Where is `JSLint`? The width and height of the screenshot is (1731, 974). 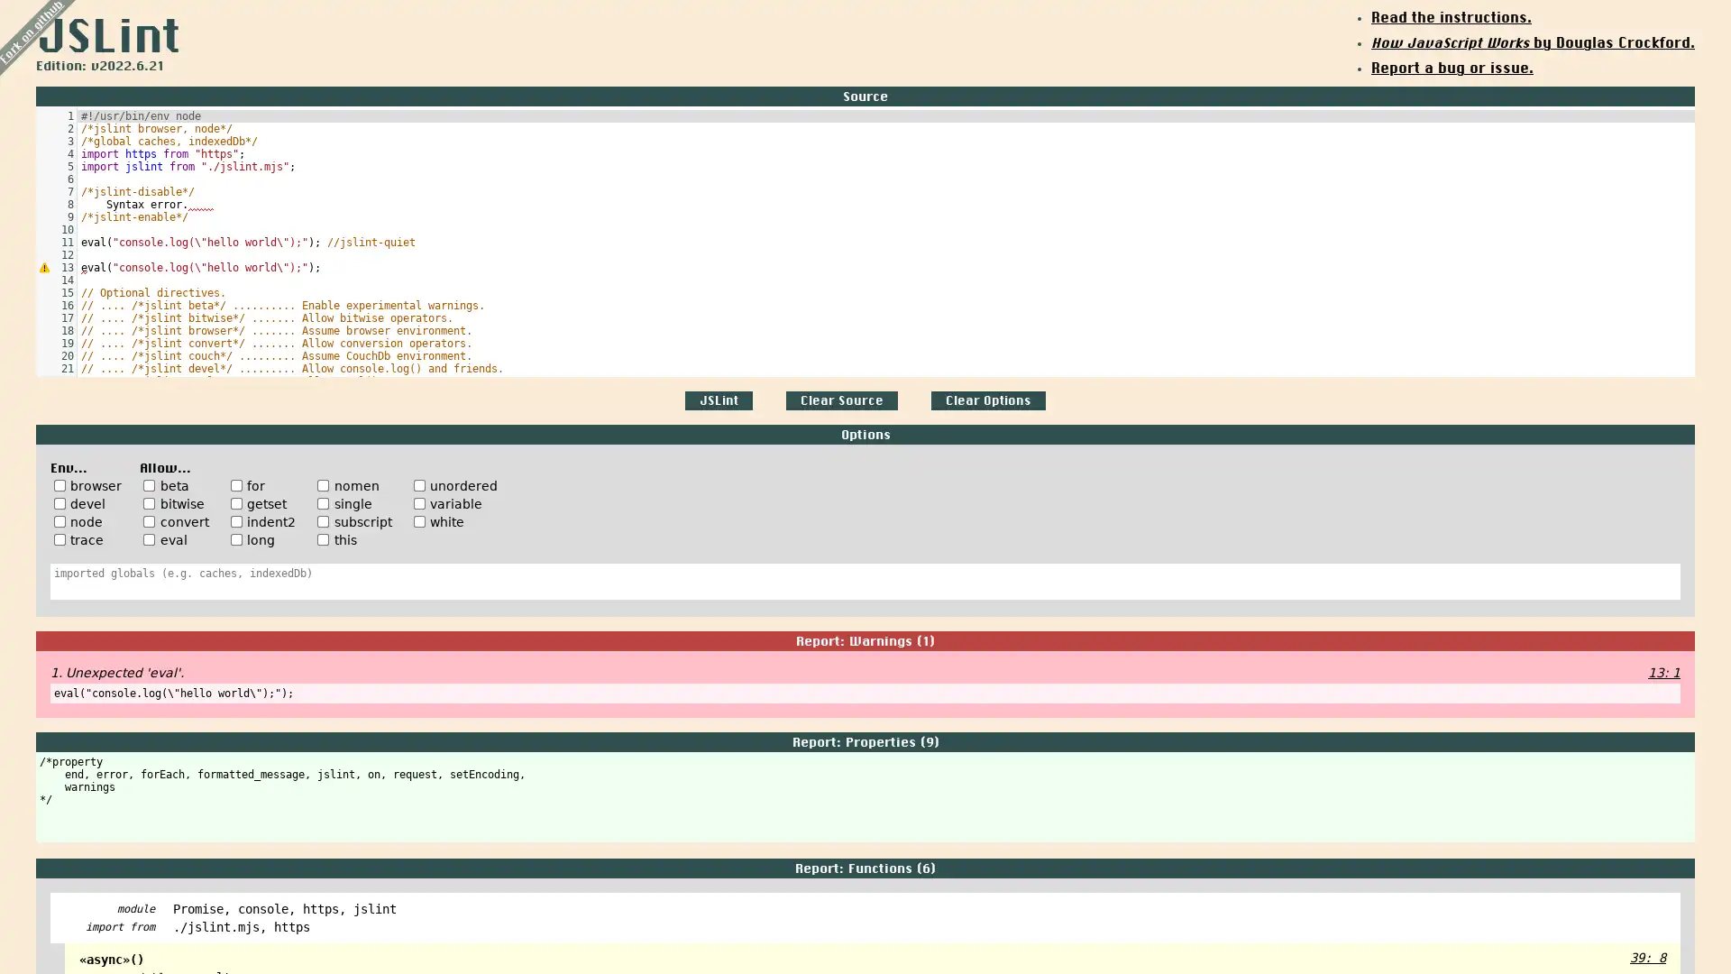 JSLint is located at coordinates (718, 400).